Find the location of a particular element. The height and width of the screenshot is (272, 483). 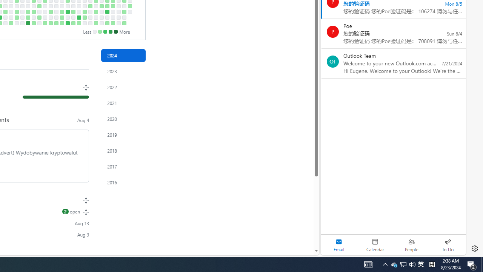

'2018' is located at coordinates (123, 151).